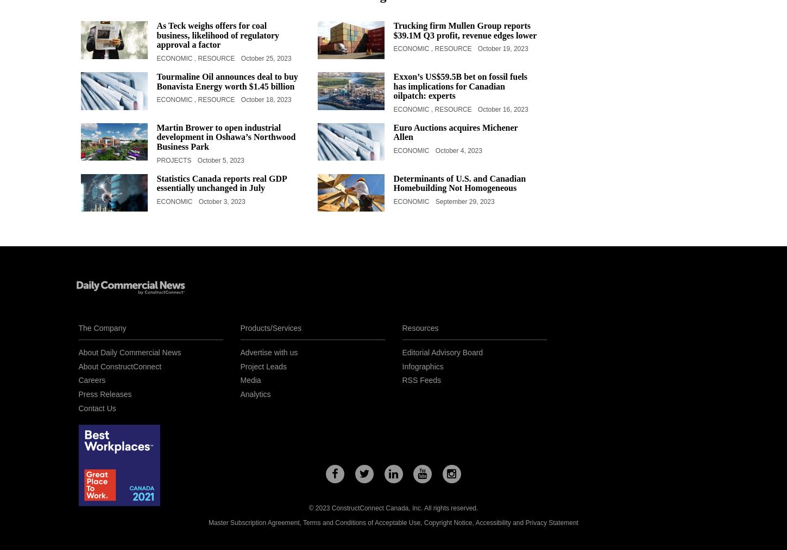 The image size is (787, 550). What do you see at coordinates (266, 57) in the screenshot?
I see `'October 25, 2023'` at bounding box center [266, 57].